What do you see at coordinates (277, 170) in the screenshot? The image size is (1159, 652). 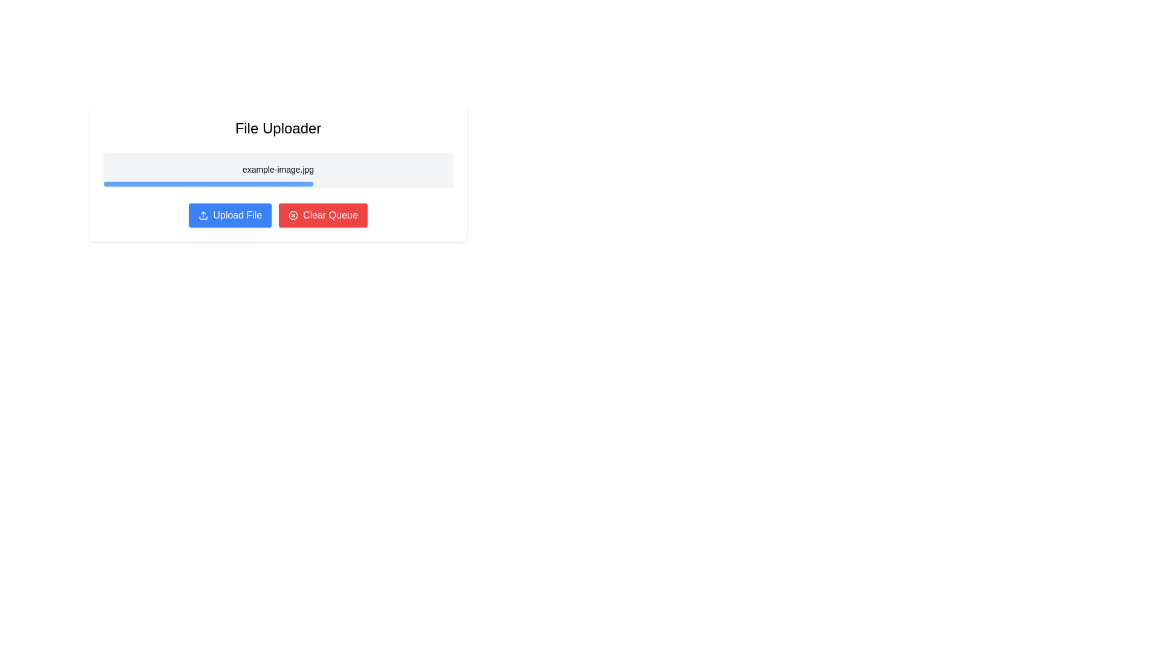 I see `text content of the Text Label displaying the name of the file currently being processed, which is positioned above the blue progress bar` at bounding box center [277, 170].